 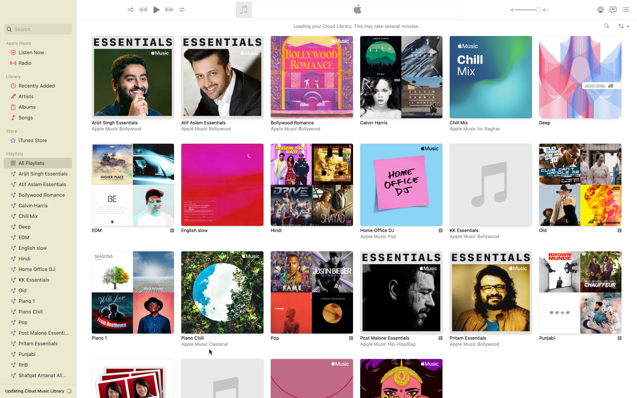 What do you see at coordinates (607, 26) in the screenshot?
I see `the album "Views" by Drake on your system` at bounding box center [607, 26].